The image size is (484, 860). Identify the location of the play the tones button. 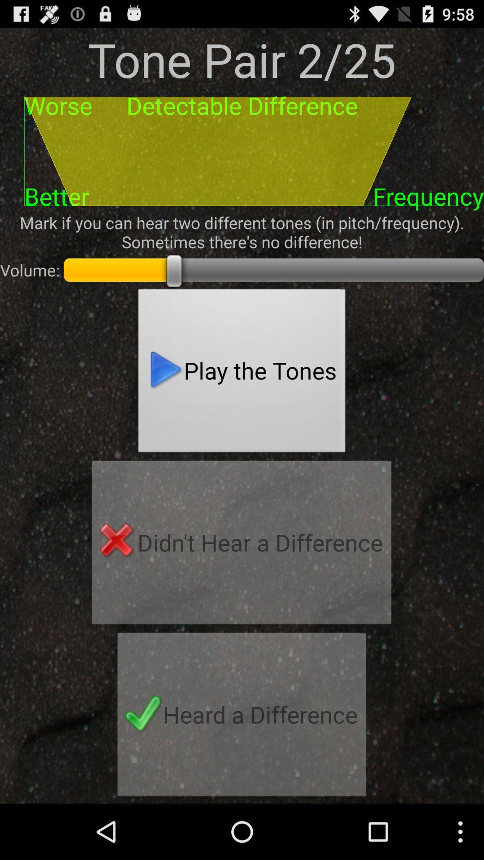
(242, 373).